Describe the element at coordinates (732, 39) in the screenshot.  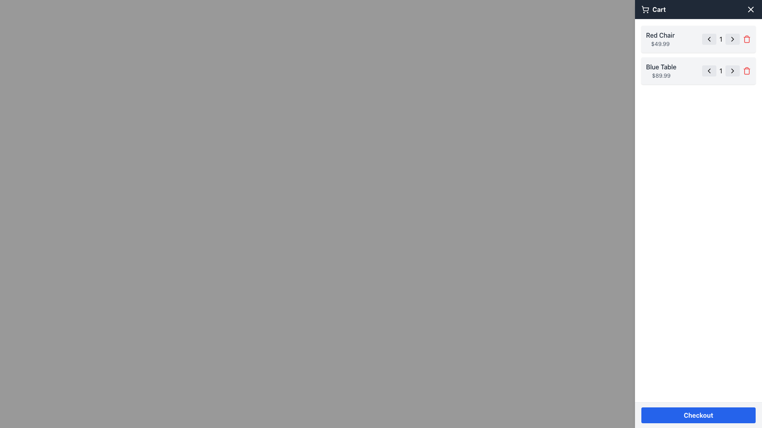
I see `the right-pointing chevron icon, which is part of the interactive button next to the quantity selector for the 'Red Chair' item in the cart interface` at that location.